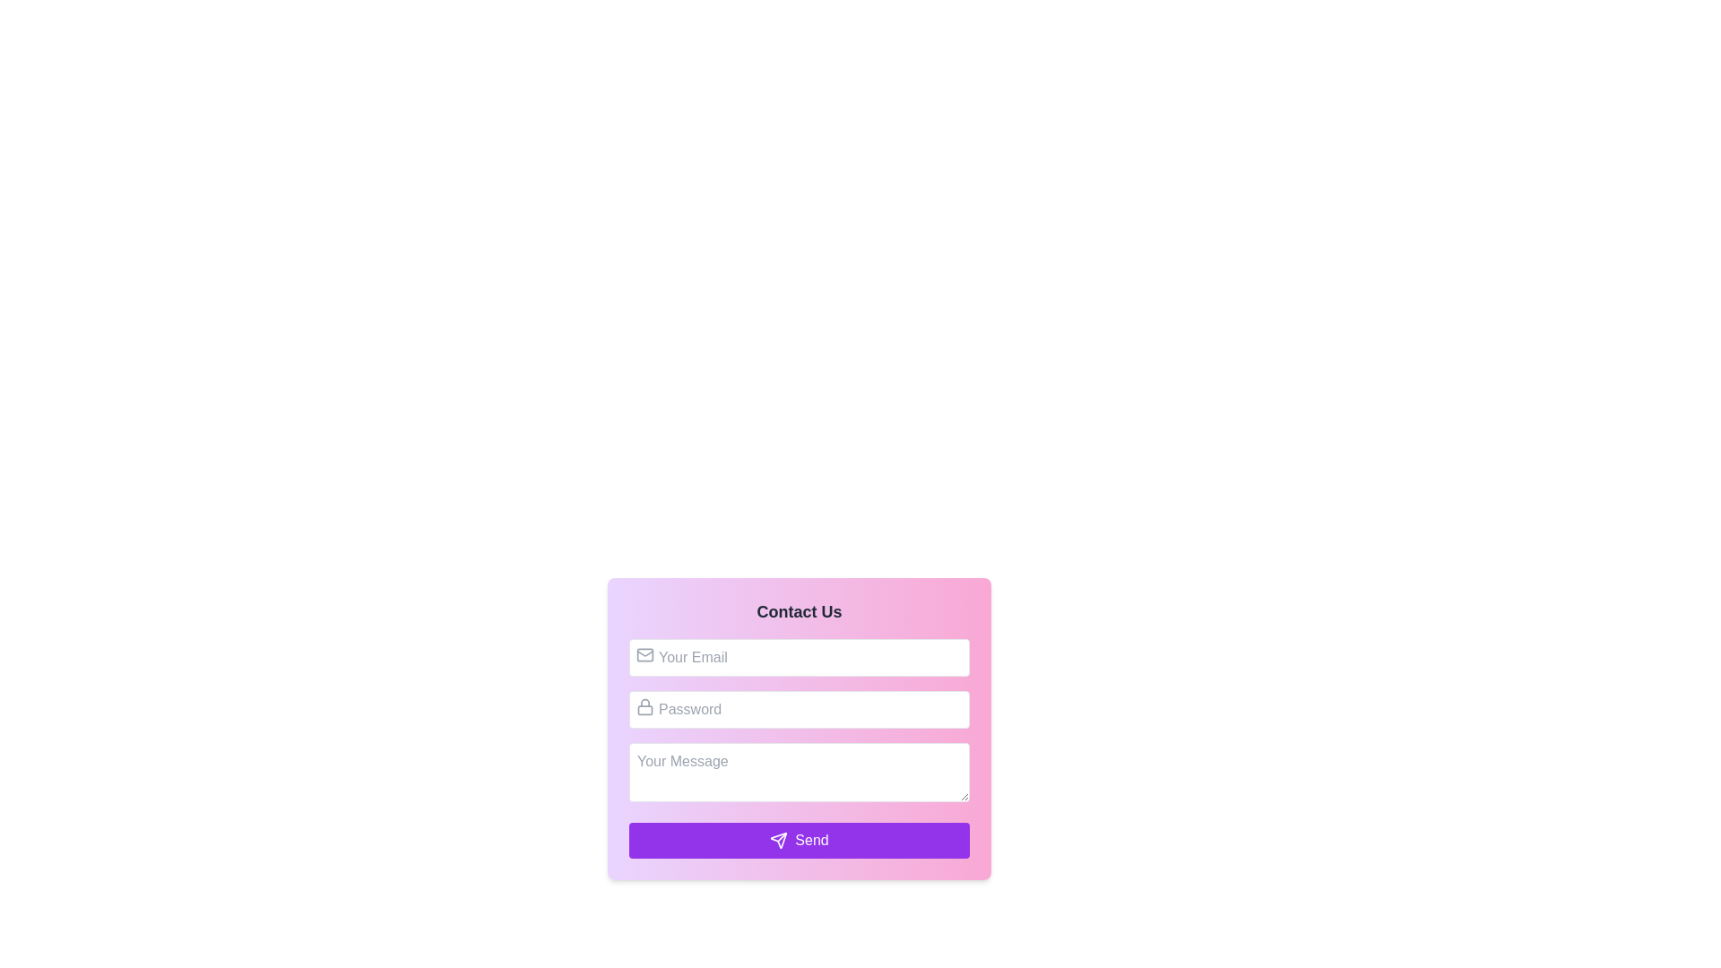  Describe the element at coordinates (645, 655) in the screenshot. I see `the decorative SVG rectangle with rounded corners that is part of the mail icon, located to the left of the email text field in the 'Contact Us' form` at that location.